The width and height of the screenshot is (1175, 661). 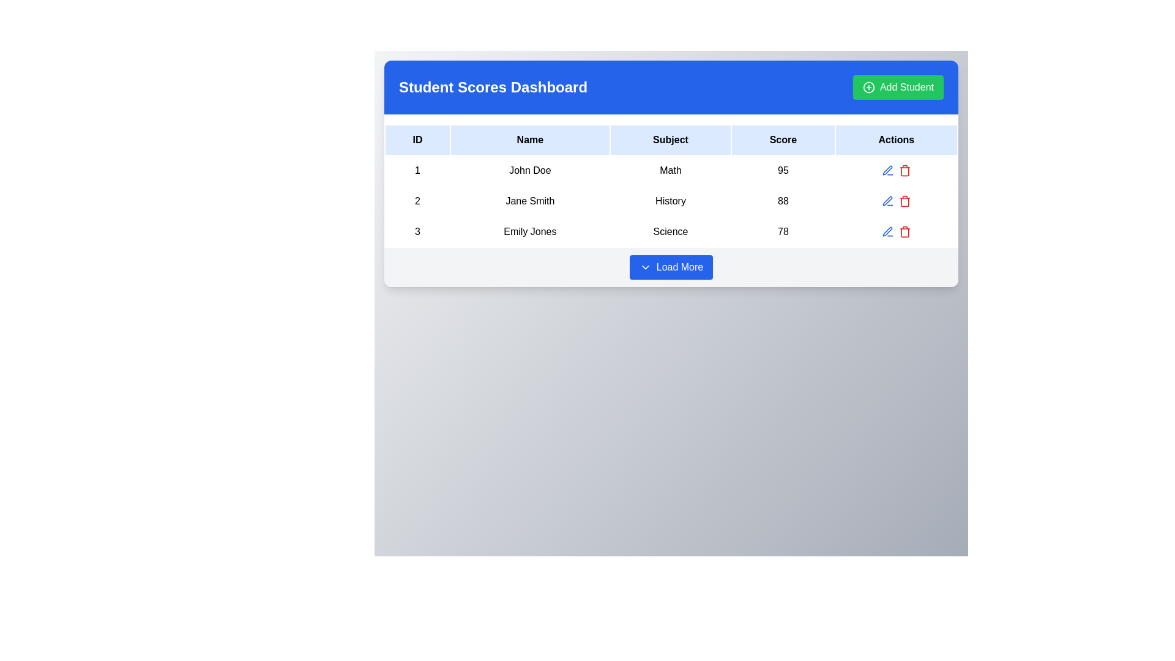 I want to click on the last column header text label in the table that indicates actions such as edit or delete for each row, positioned to the right of the Score header, so click(x=896, y=139).